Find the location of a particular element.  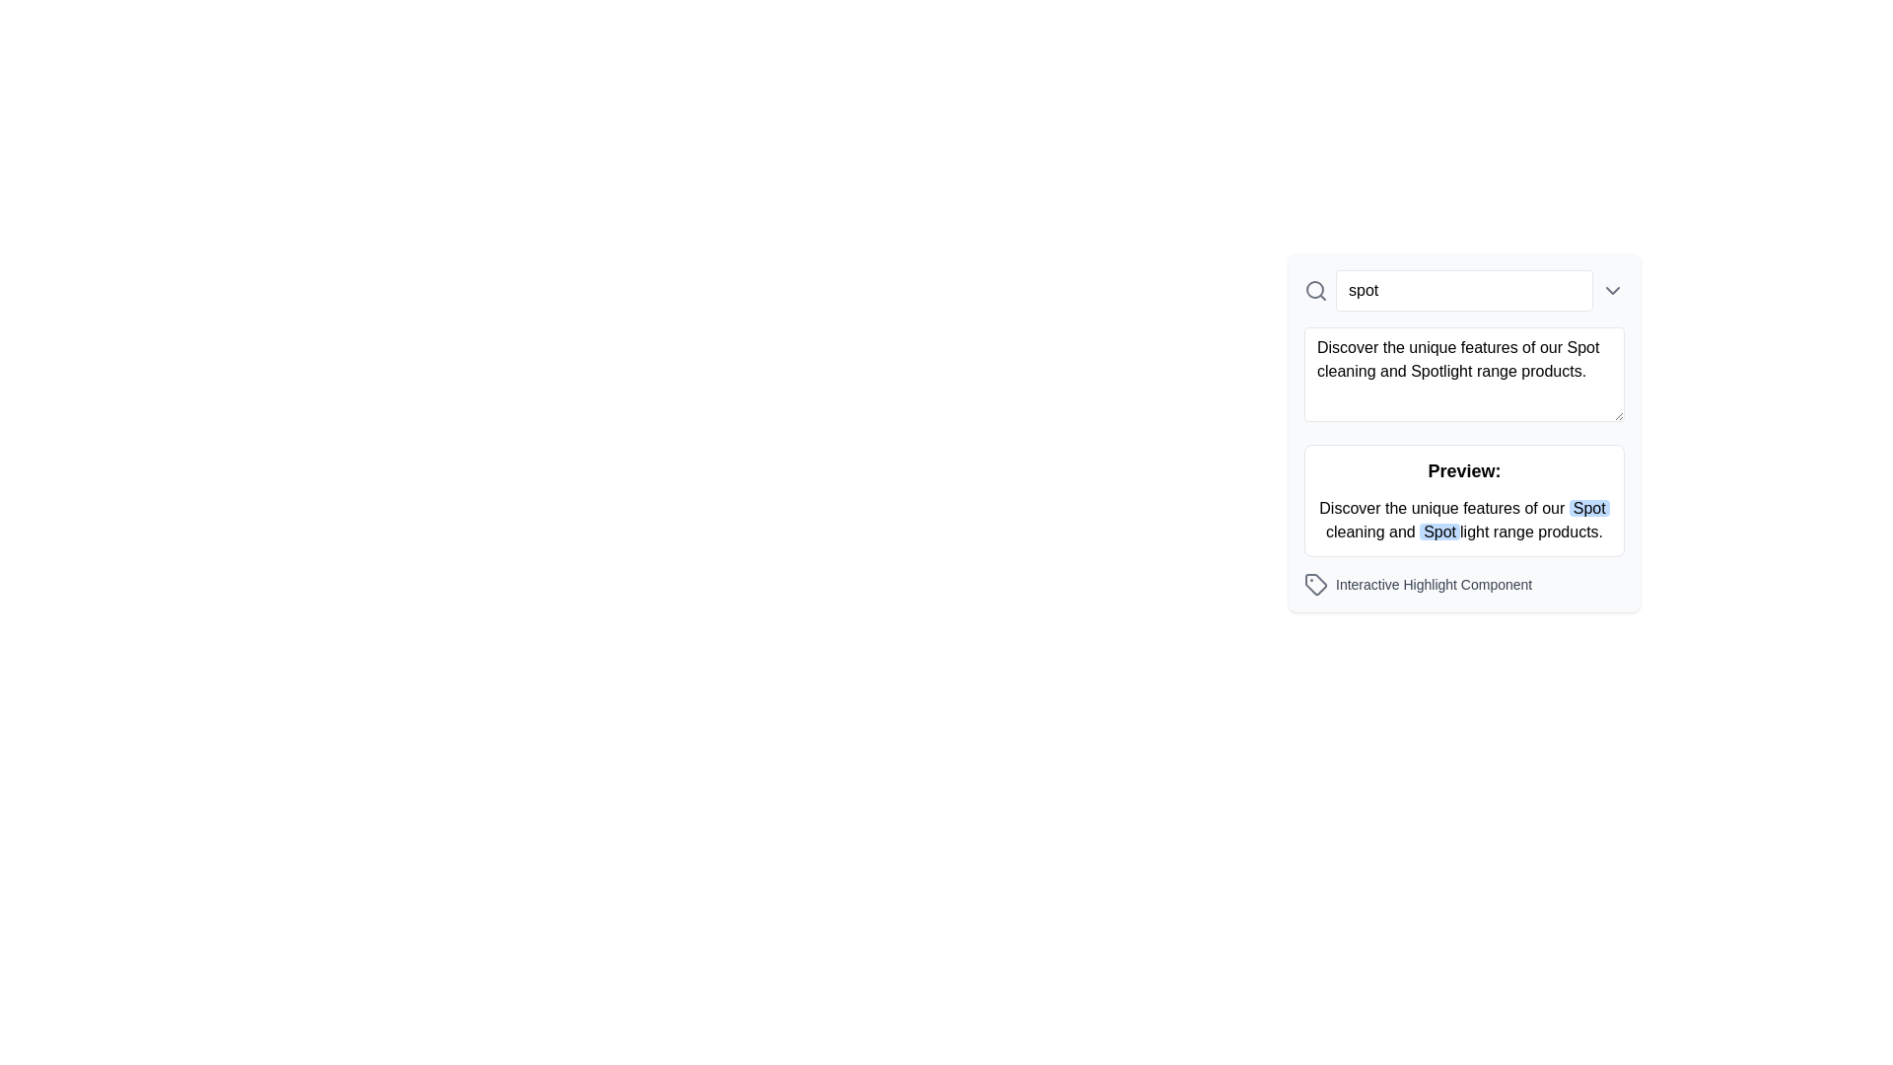

the downward chevron icon located to the right of the 'Enter search keyword' text input box is located at coordinates (1613, 290).